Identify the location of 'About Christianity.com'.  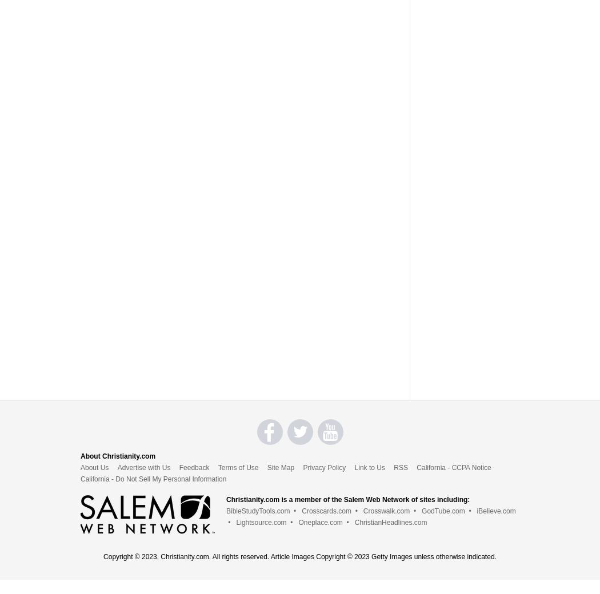
(117, 455).